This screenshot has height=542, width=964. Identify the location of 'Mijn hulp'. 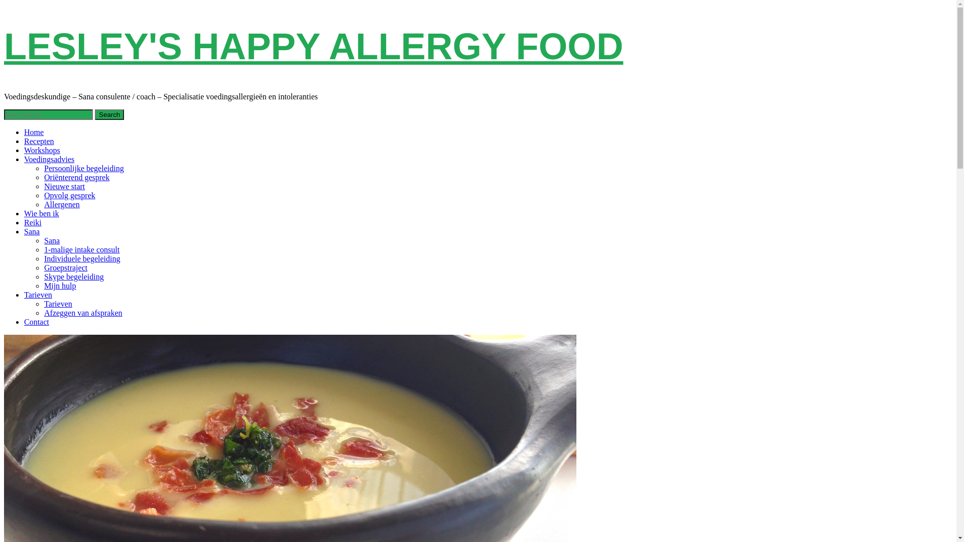
(60, 286).